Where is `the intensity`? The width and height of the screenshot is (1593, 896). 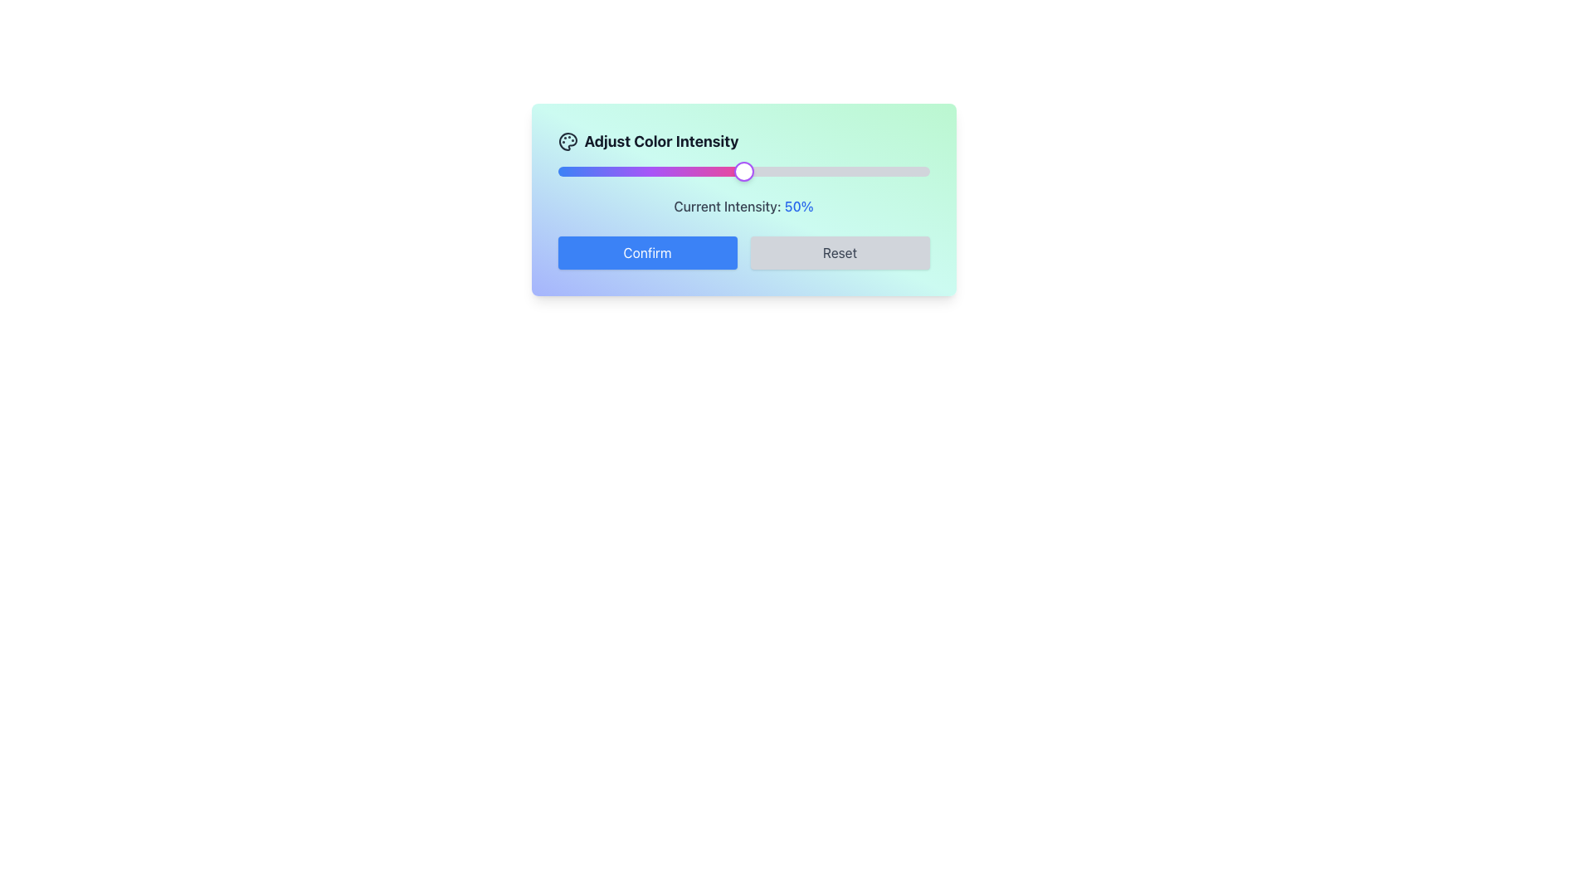
the intensity is located at coordinates (733, 172).